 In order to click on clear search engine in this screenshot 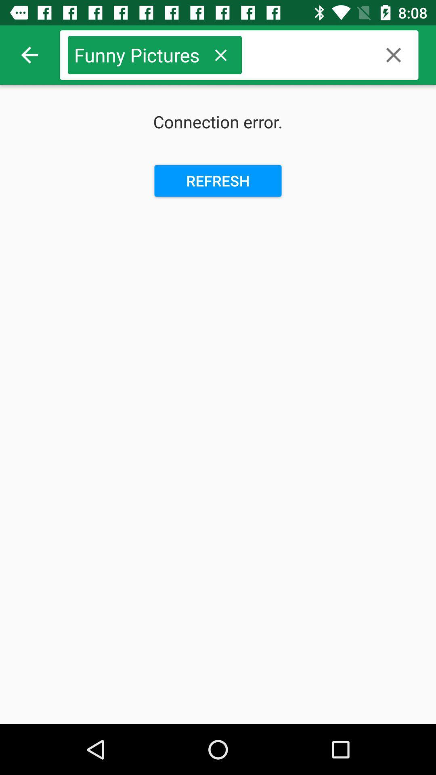, I will do `click(393, 54)`.